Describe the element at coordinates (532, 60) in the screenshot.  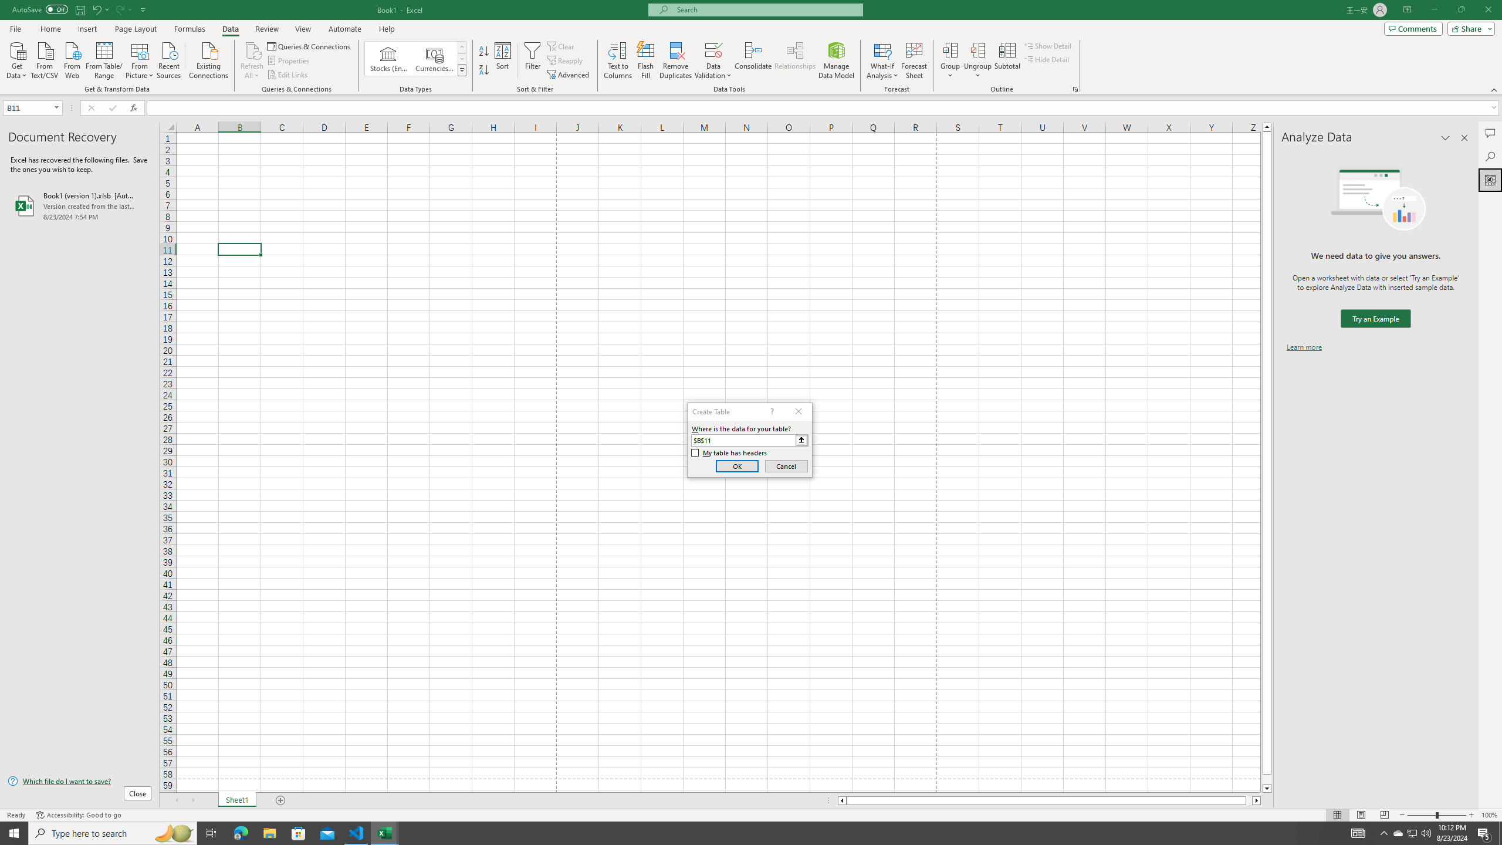
I see `'Filter'` at that location.